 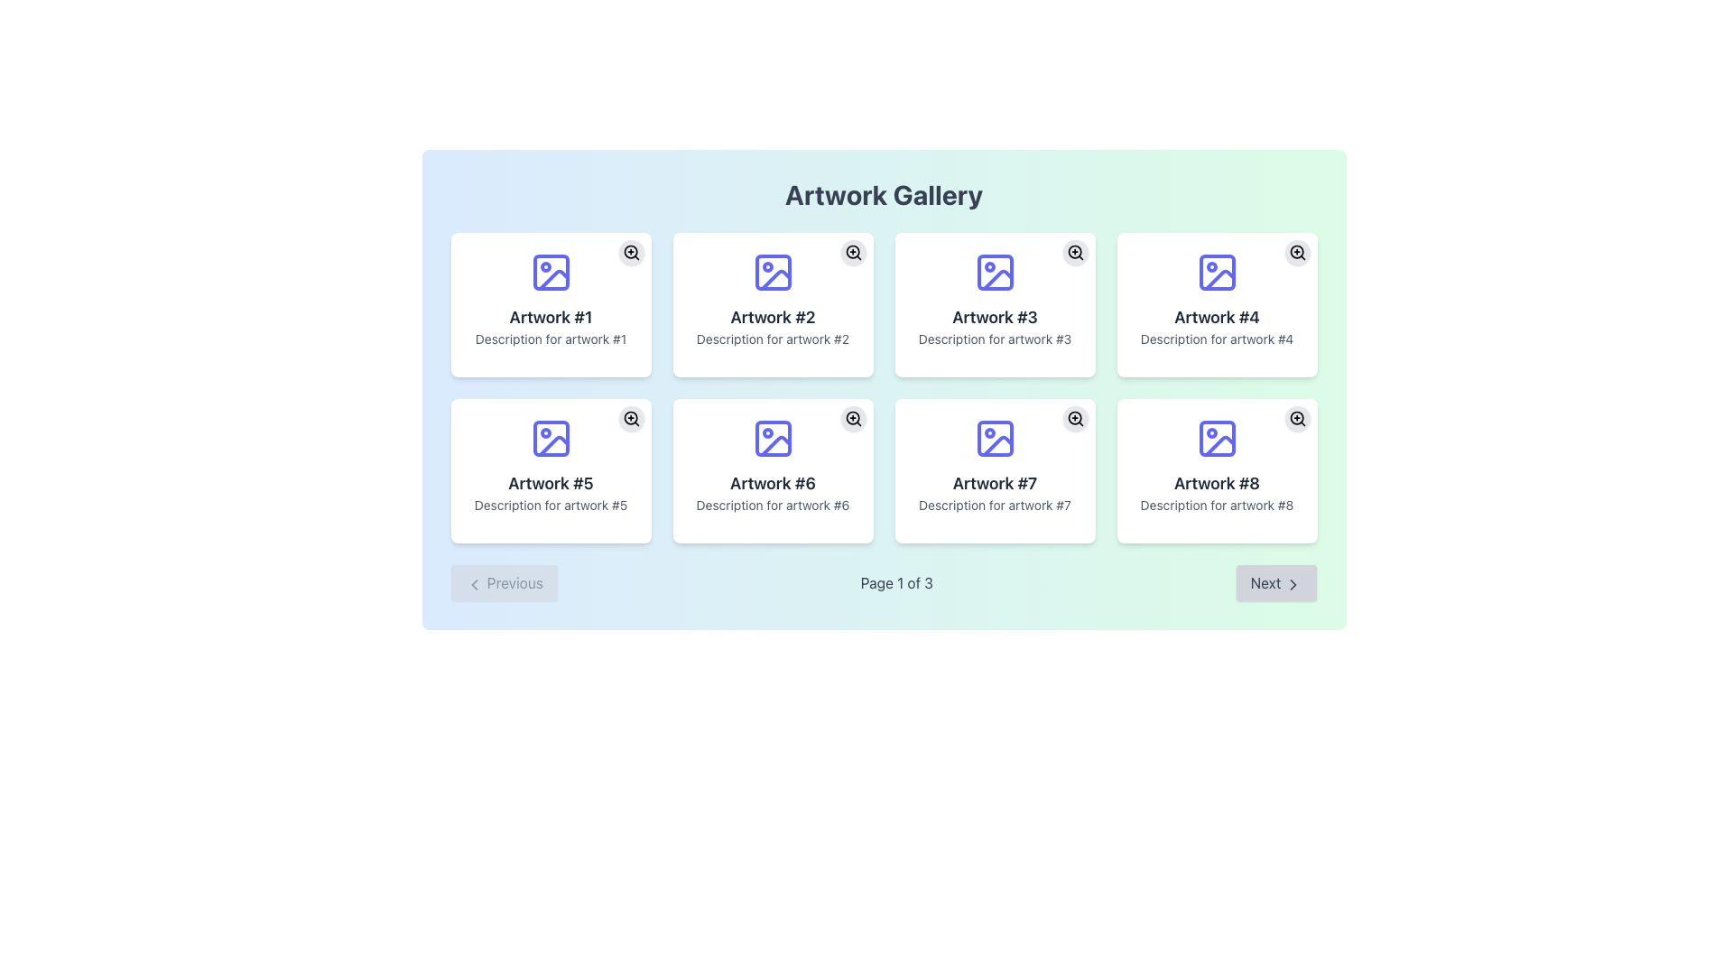 What do you see at coordinates (773, 505) in the screenshot?
I see `the text label that reads 'Description for artwork #6', which is located beneath the 'Artwork #6' title in the sixth card of the grid layout in the 'Artwork Gallery' section` at bounding box center [773, 505].